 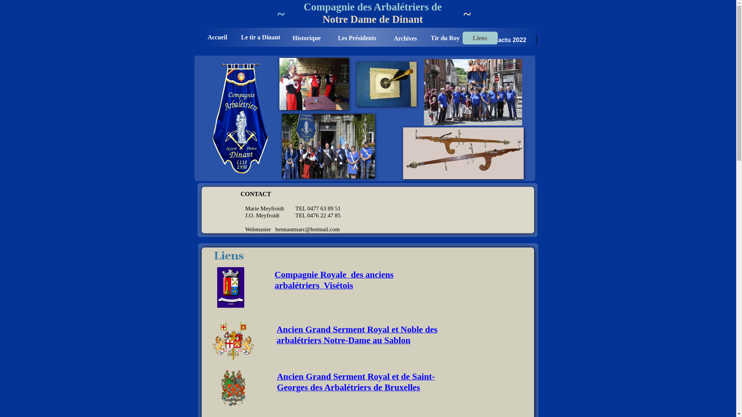 I want to click on 'Le tir a Dinant', so click(x=260, y=37).